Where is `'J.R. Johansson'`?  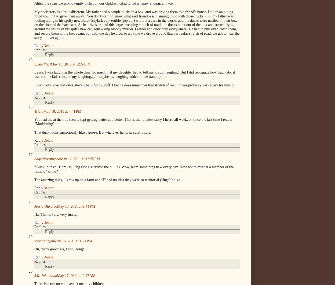 'J.R. Johansson' is located at coordinates (34, 275).